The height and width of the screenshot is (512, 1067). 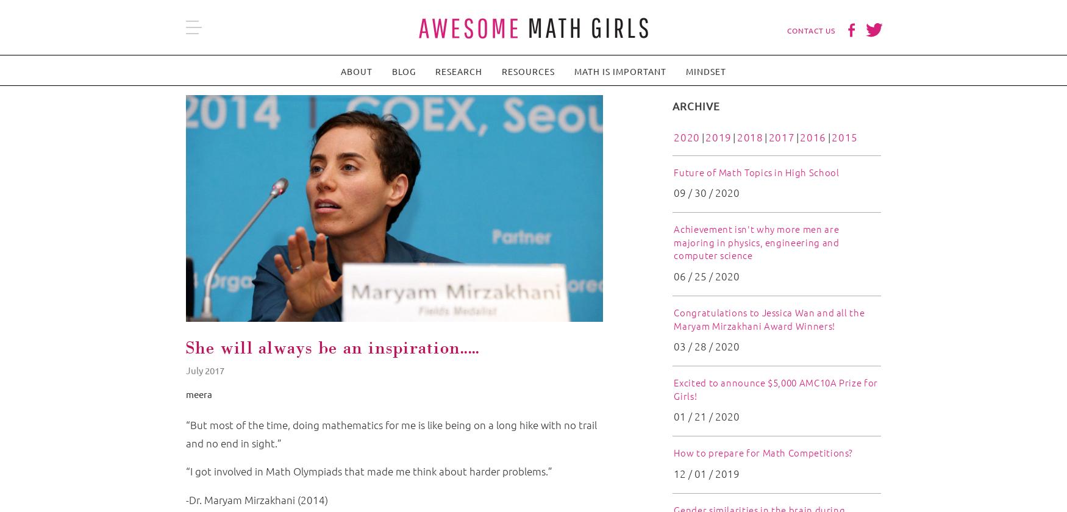 I want to click on '2020', so click(x=686, y=137).